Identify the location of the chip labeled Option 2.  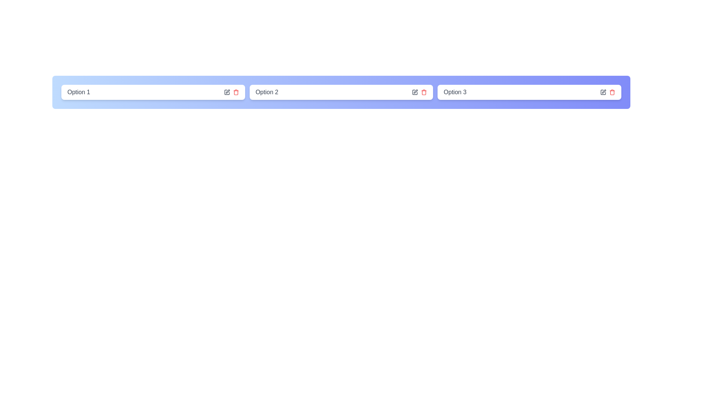
(341, 92).